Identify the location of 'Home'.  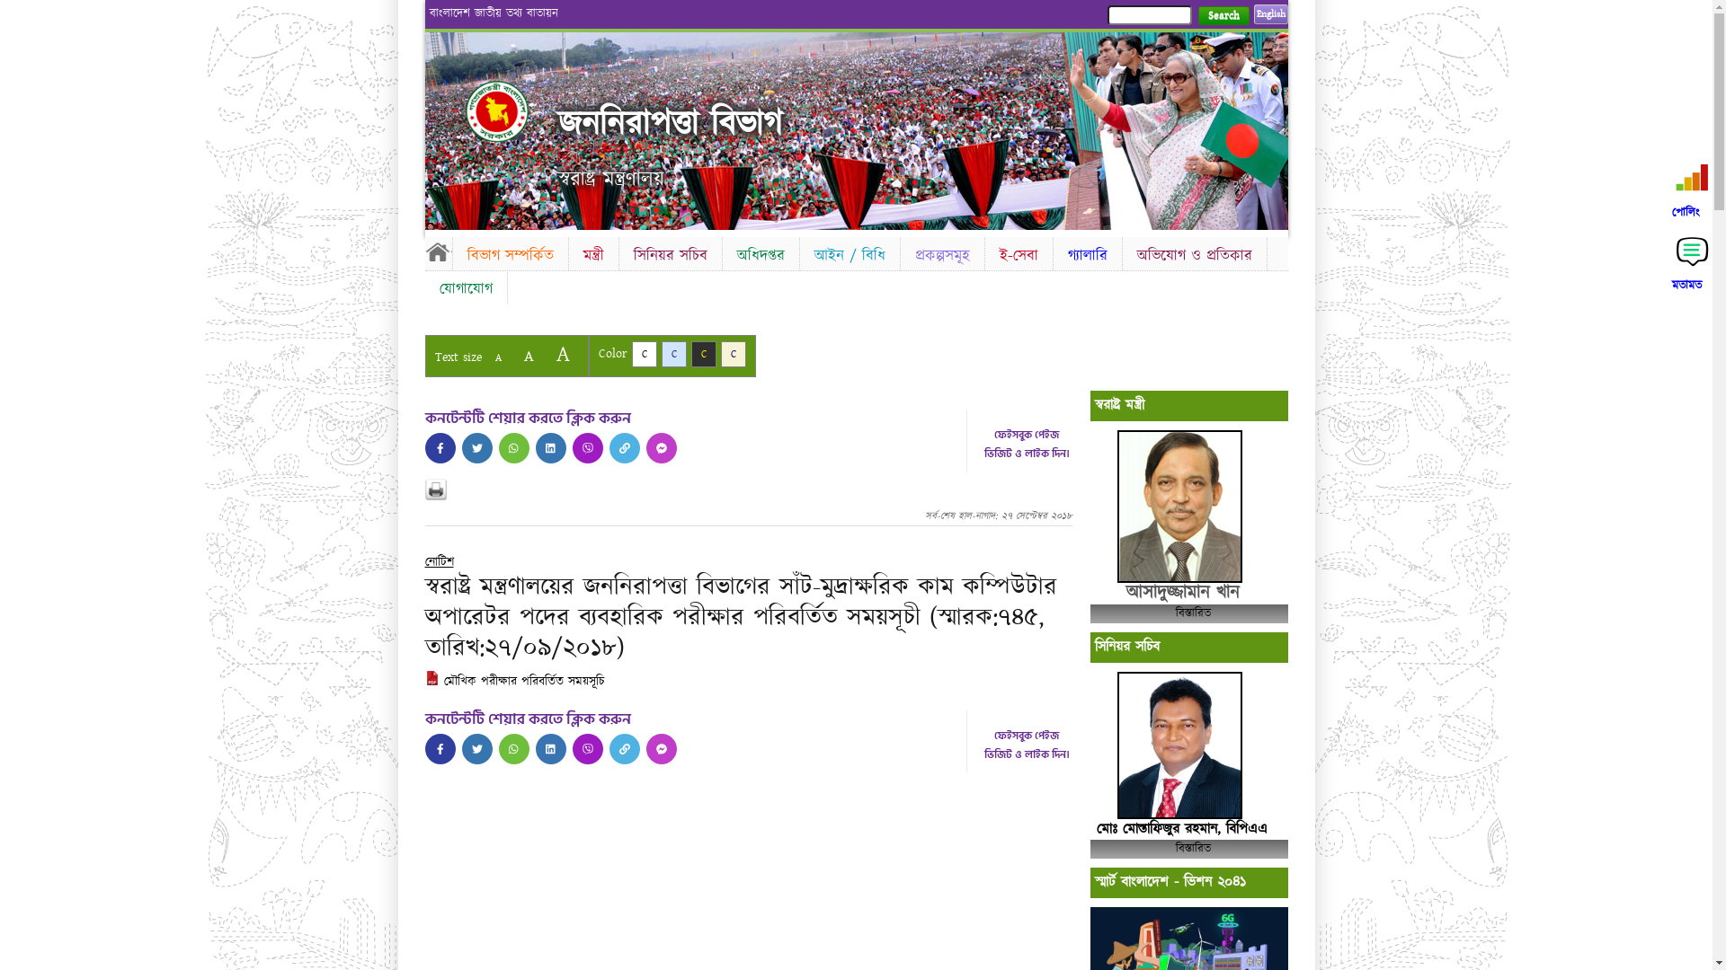
(512, 110).